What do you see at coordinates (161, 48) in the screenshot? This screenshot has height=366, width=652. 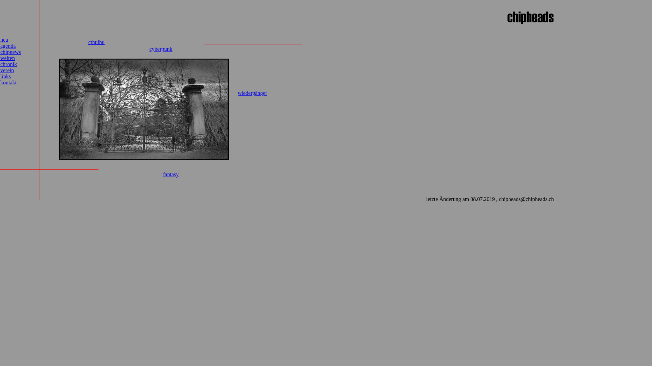 I see `'cyberpunk'` at bounding box center [161, 48].